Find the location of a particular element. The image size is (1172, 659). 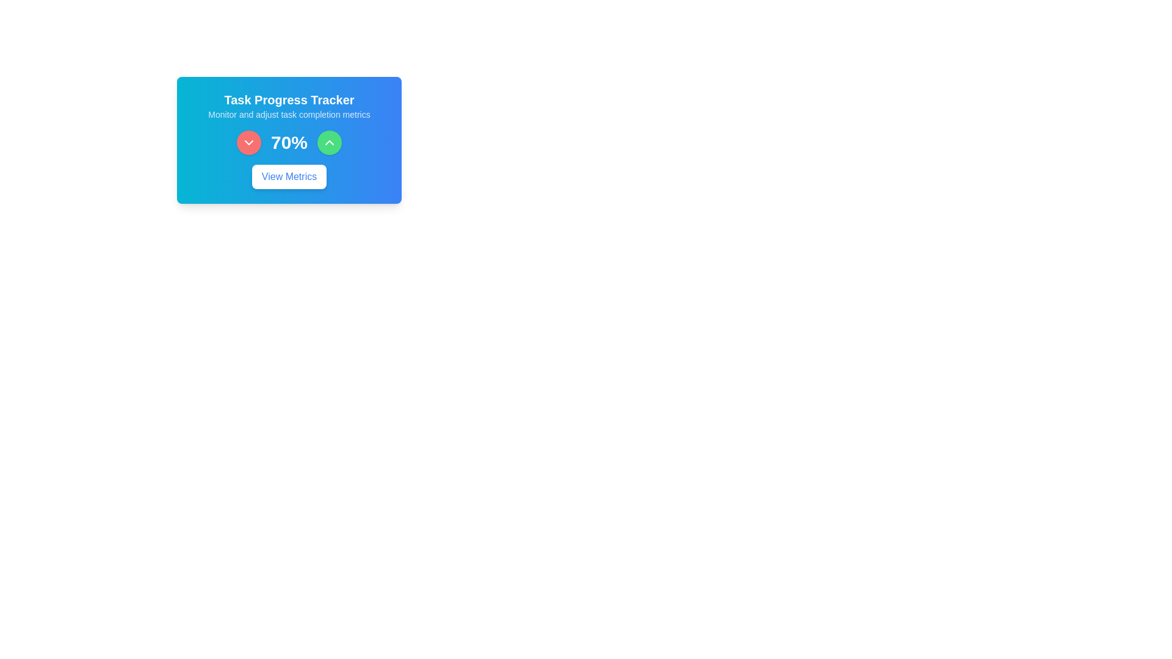

the interactive button located to the right of the red button with a downward arrow and the bold text displaying '70%' to observe the hover effect is located at coordinates (330, 142).